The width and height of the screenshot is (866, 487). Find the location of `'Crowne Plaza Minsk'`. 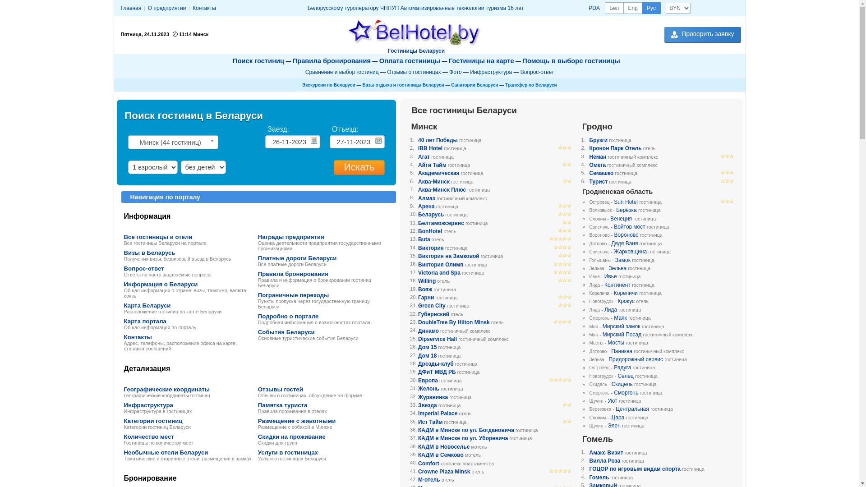

'Crowne Plaza Minsk' is located at coordinates (417, 471).